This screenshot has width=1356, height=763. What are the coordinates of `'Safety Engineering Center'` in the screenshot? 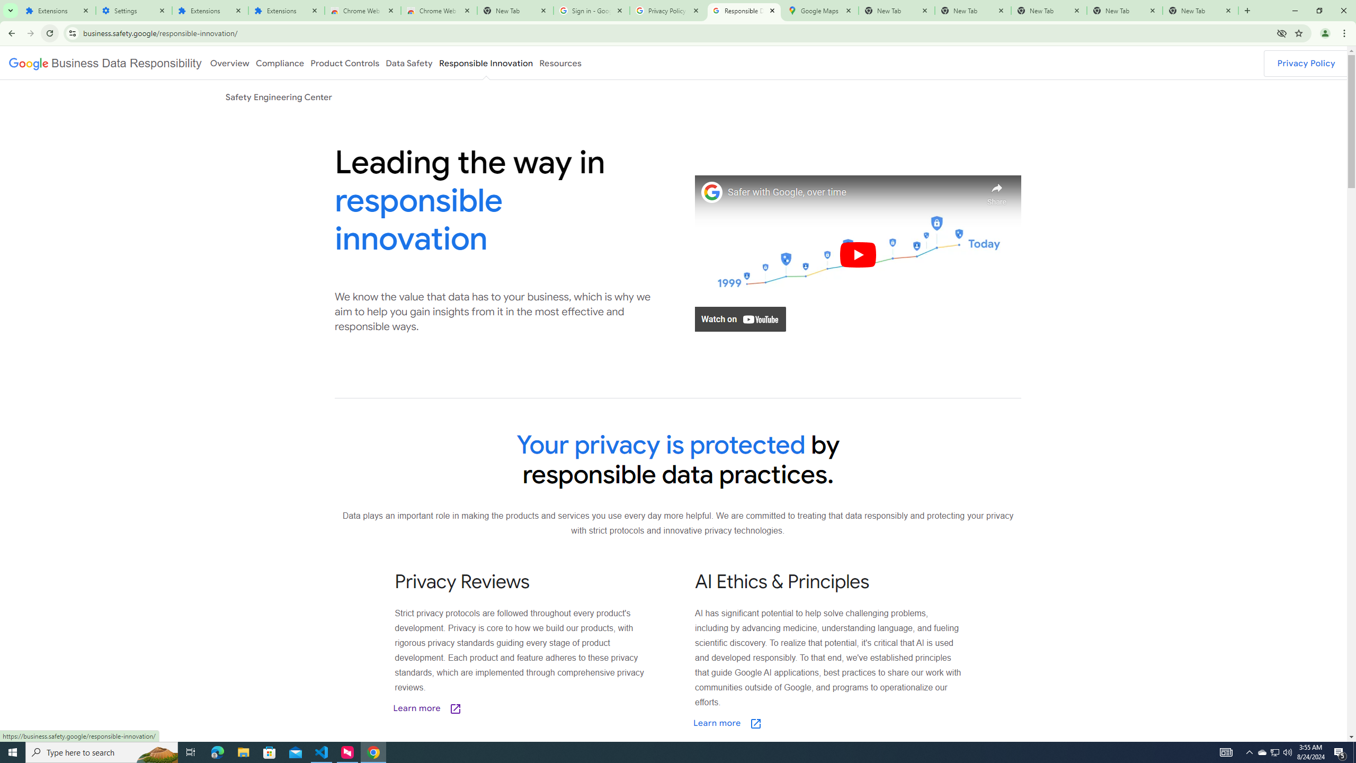 It's located at (278, 96).